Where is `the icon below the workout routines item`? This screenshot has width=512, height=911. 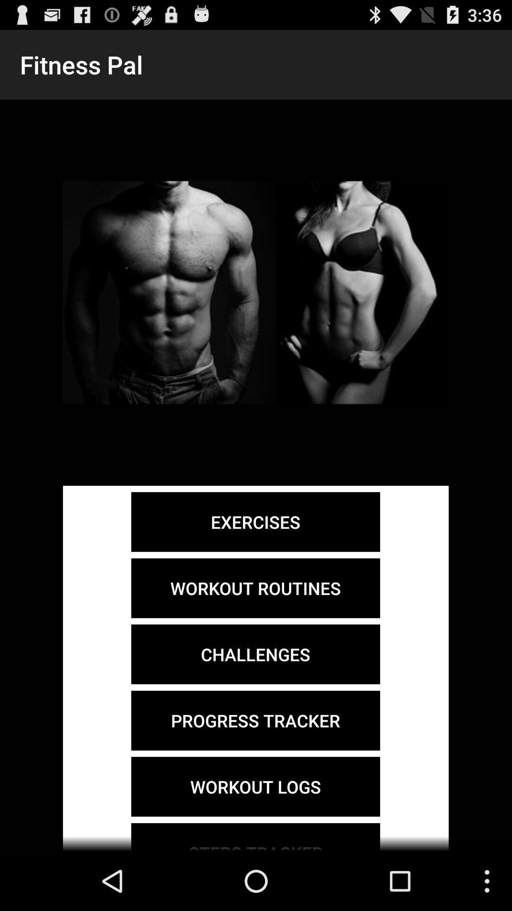
the icon below the workout routines item is located at coordinates (255, 654).